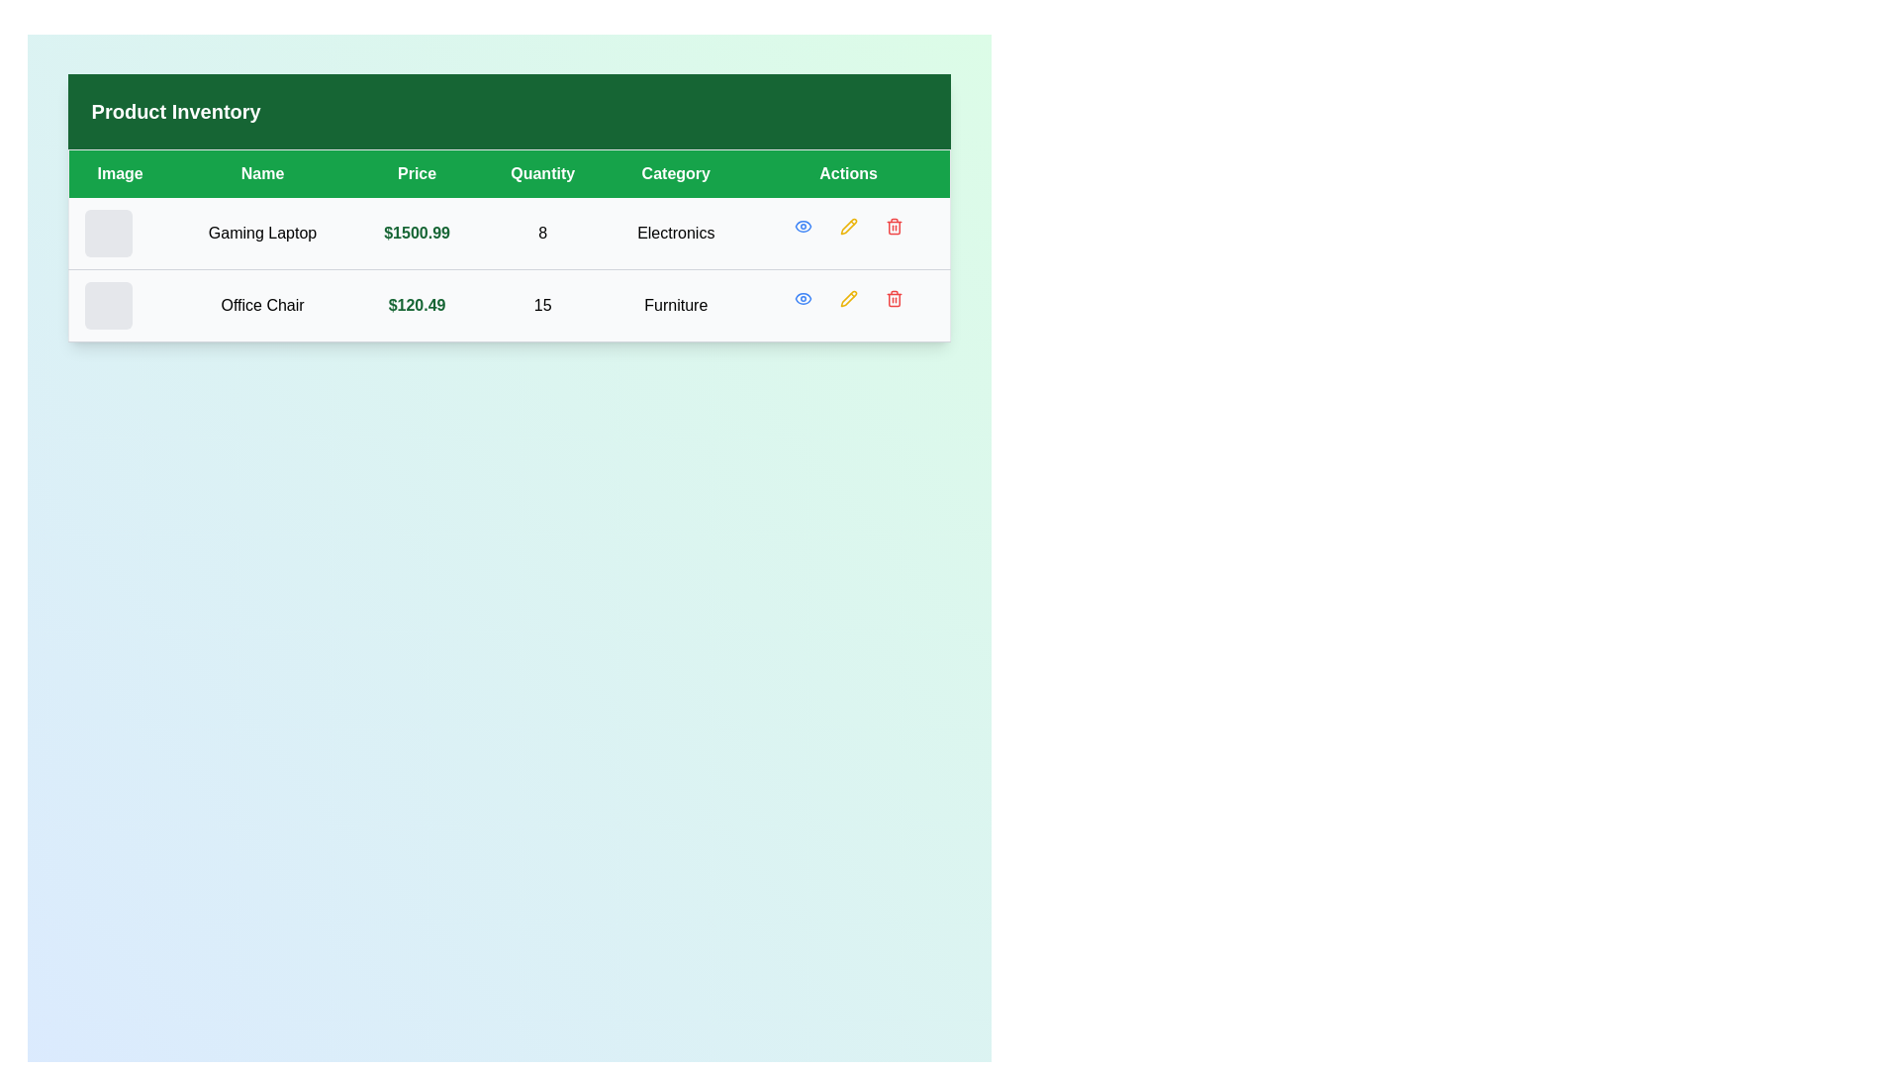 Image resolution: width=1900 pixels, height=1069 pixels. What do you see at coordinates (261, 233) in the screenshot?
I see `the text label displaying 'Gaming Laptop' in bold black font, located in the second column of the first row of the data table below the 'Product Inventory' header` at bounding box center [261, 233].